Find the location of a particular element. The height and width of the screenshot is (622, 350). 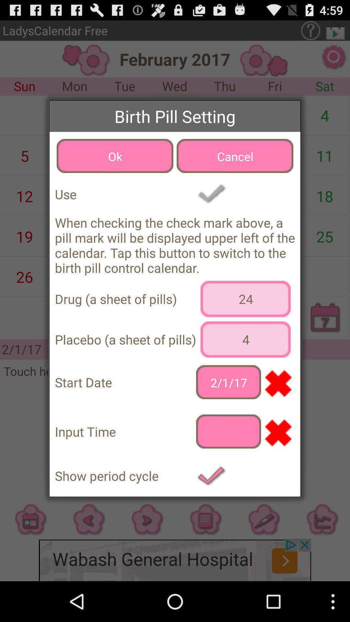

ok at the top left corner is located at coordinates (114, 156).